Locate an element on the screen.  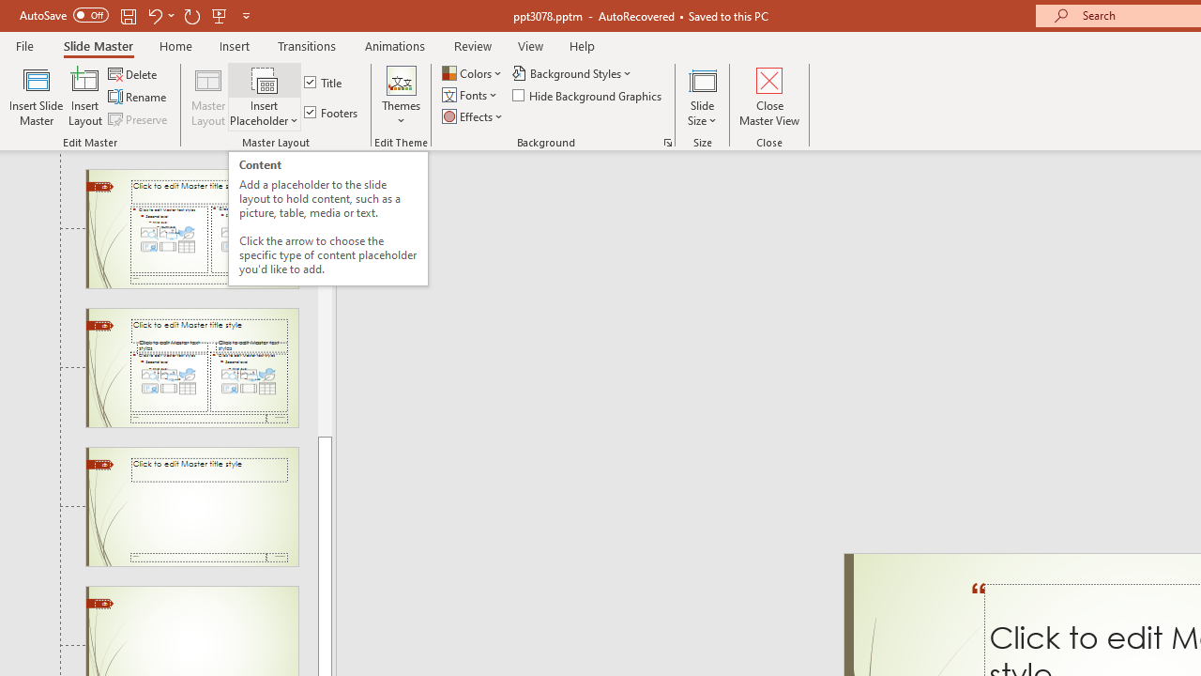
'Insert Placeholder' is located at coordinates (264, 97).